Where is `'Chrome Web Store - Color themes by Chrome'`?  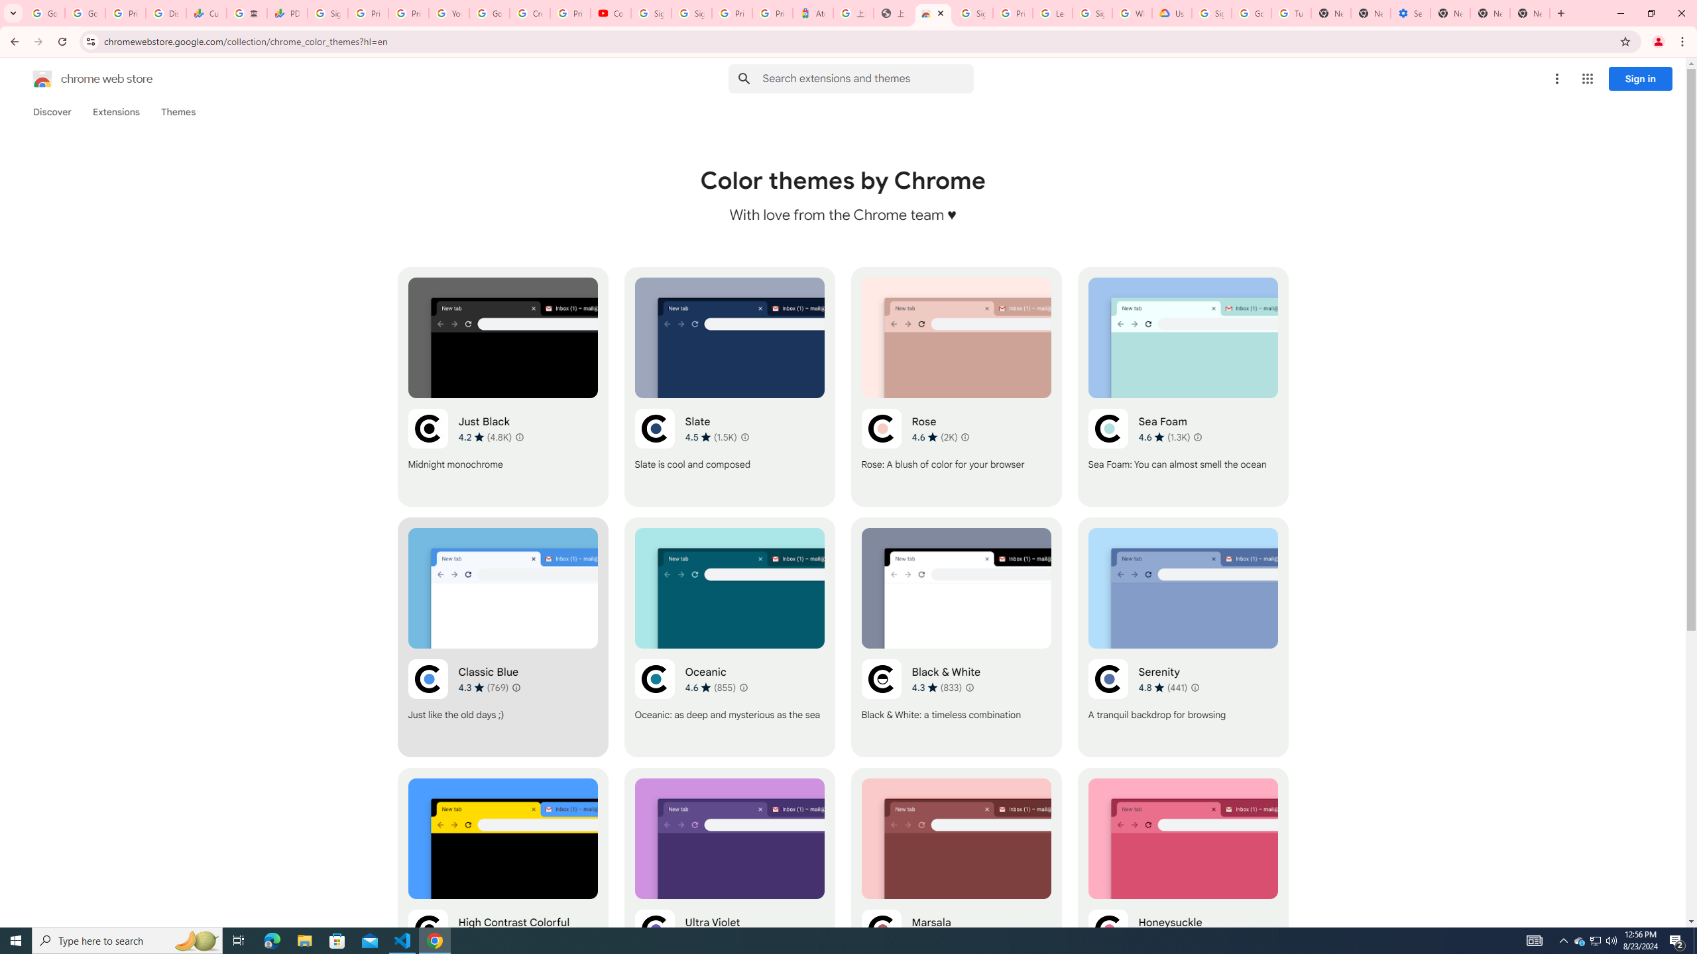 'Chrome Web Store - Color themes by Chrome' is located at coordinates (933, 13).